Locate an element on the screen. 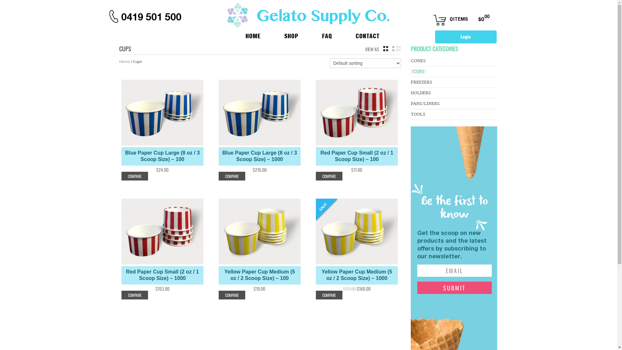  'Login' is located at coordinates (435, 37).